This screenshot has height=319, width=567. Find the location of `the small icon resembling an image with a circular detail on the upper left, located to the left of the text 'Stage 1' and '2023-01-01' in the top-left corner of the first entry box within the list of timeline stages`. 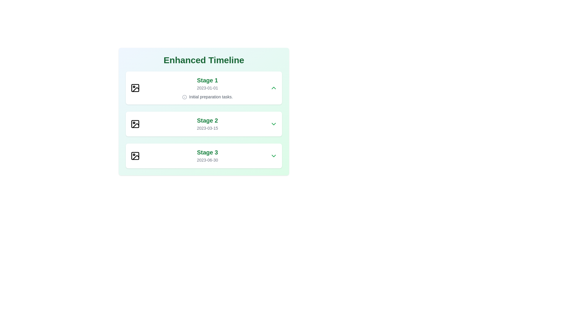

the small icon resembling an image with a circular detail on the upper left, located to the left of the text 'Stage 1' and '2023-01-01' in the top-left corner of the first entry box within the list of timeline stages is located at coordinates (135, 88).